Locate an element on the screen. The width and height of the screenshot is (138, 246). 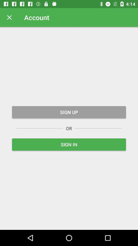
icon next to account icon is located at coordinates (9, 17).